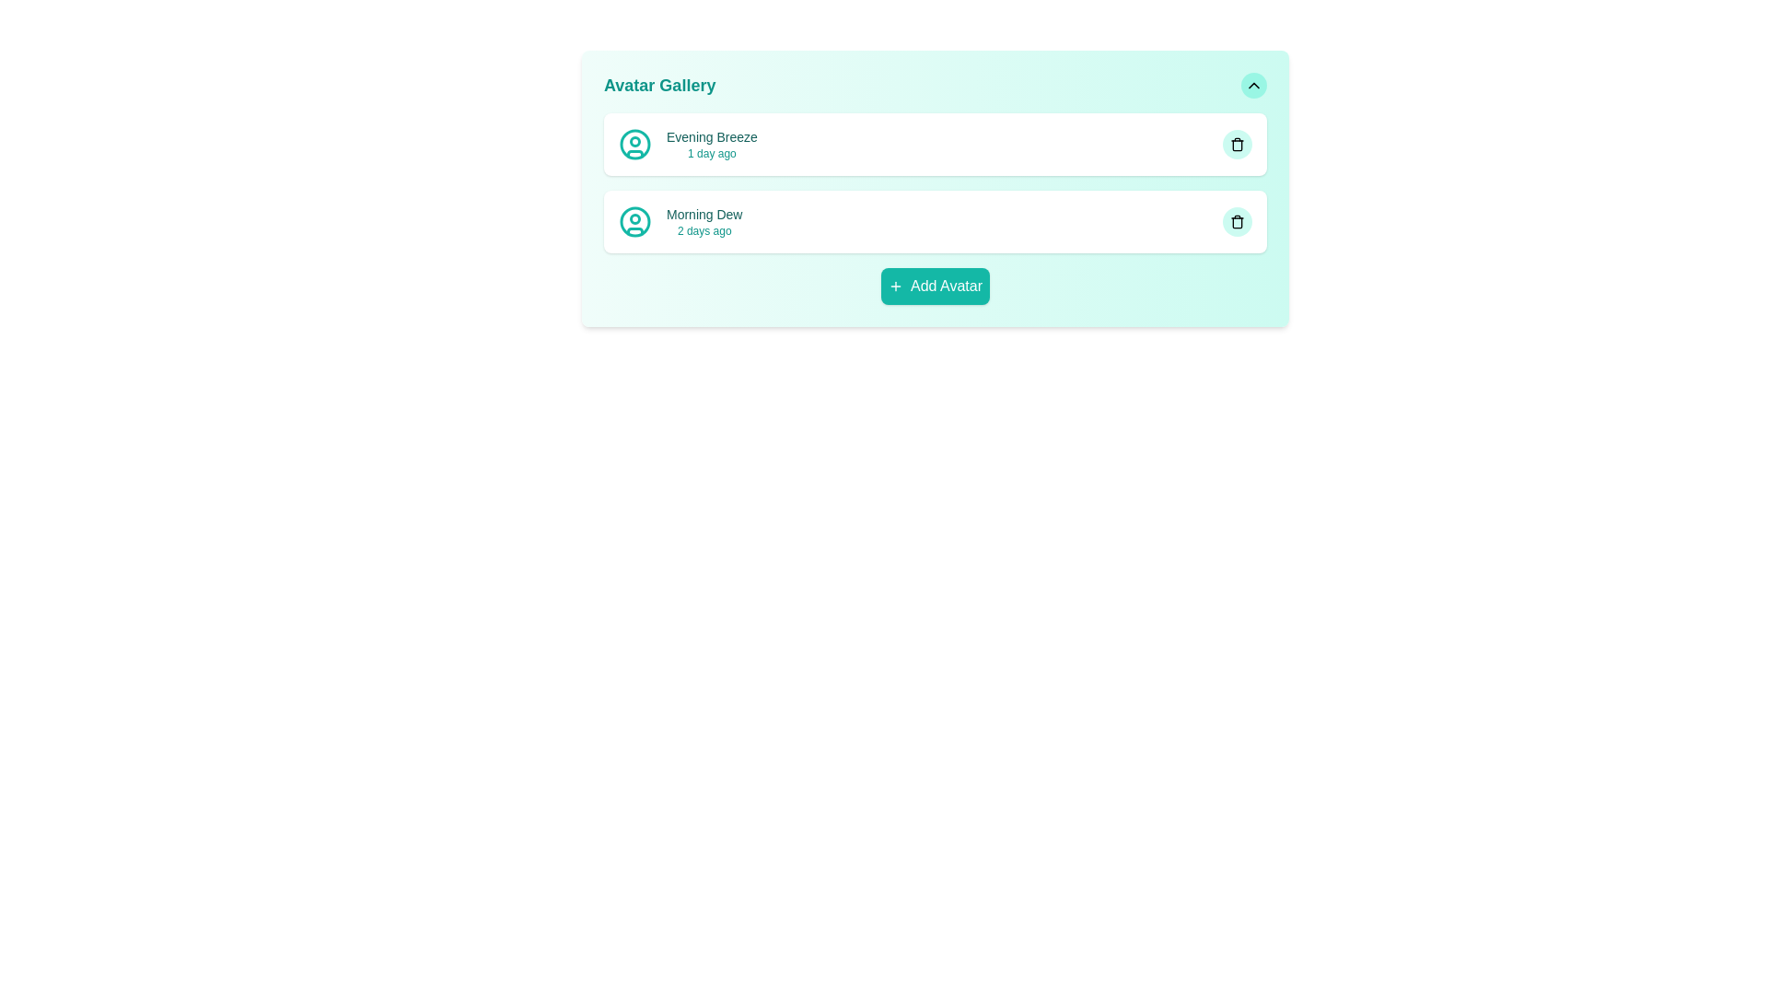  I want to click on the second card in the 'Avatar Gallery' section, which provides information about an avatar or user action, located below the card titled 'Evening Breeze 1 day ago', so click(936, 220).